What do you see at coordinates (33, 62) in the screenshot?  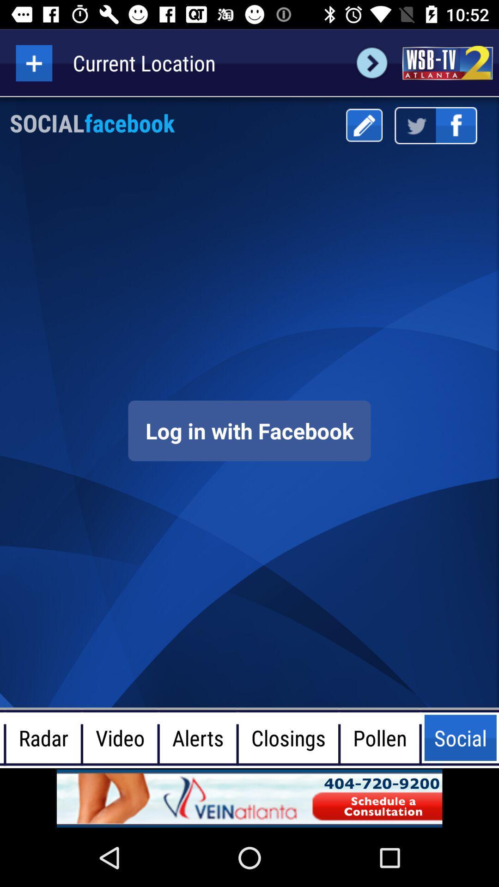 I see `a location` at bounding box center [33, 62].